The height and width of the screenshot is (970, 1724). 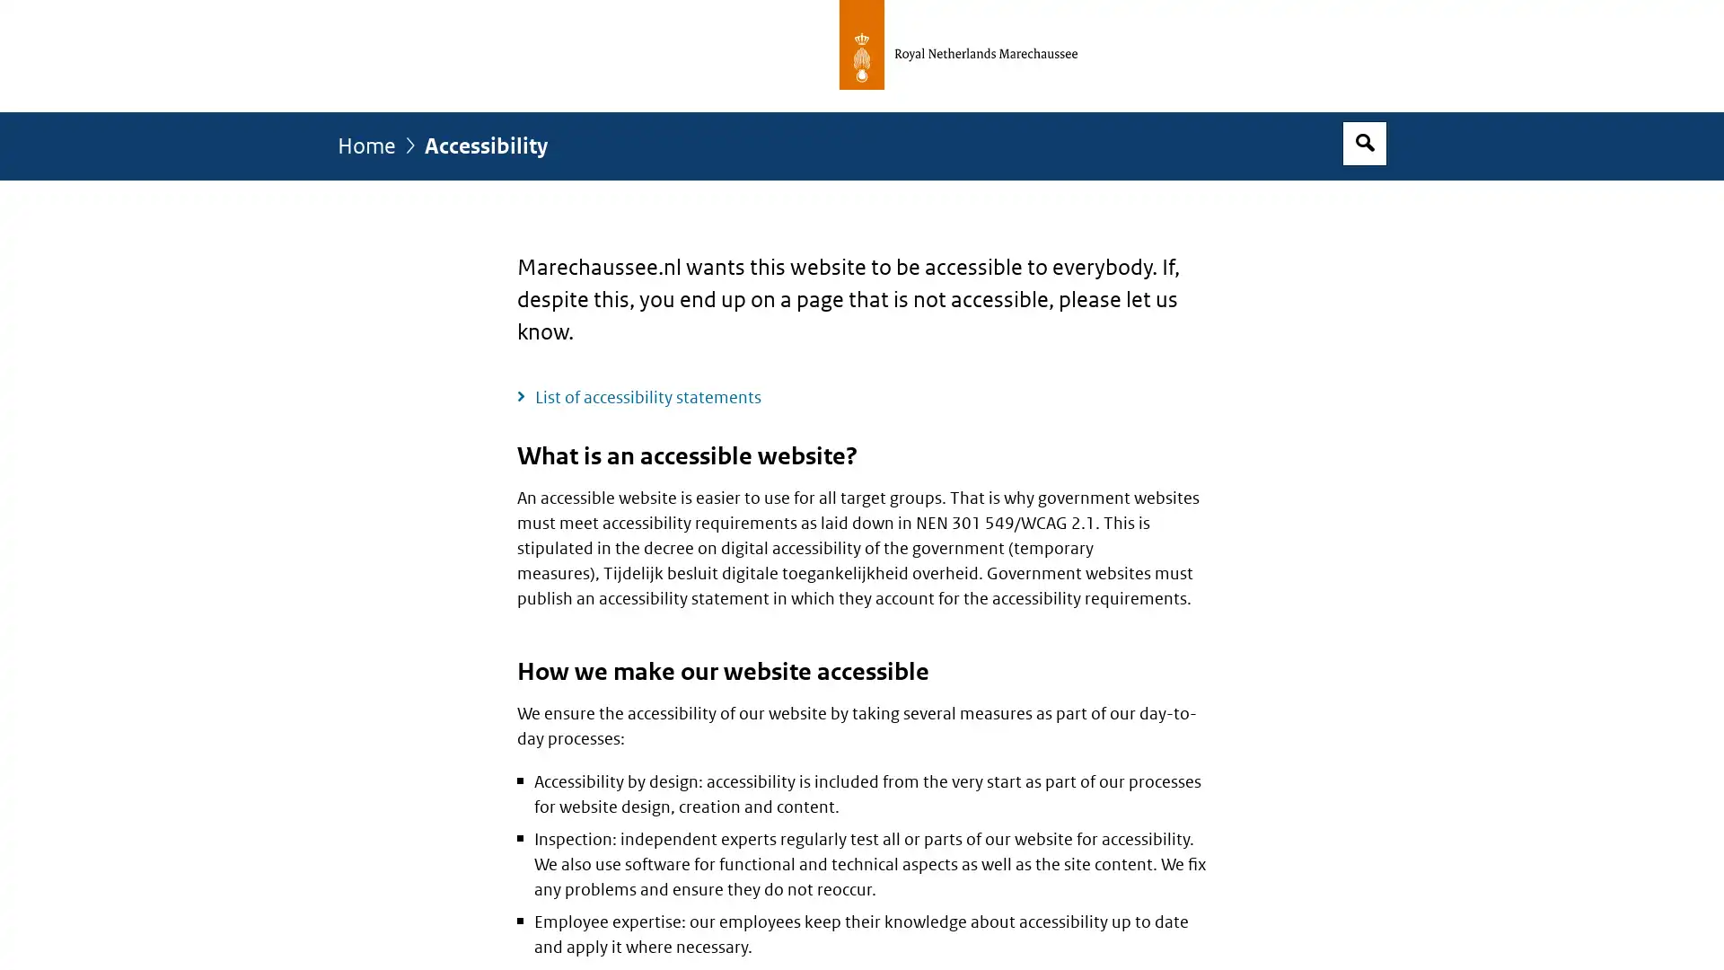 What do you see at coordinates (1365, 142) in the screenshot?
I see `Open search box` at bounding box center [1365, 142].